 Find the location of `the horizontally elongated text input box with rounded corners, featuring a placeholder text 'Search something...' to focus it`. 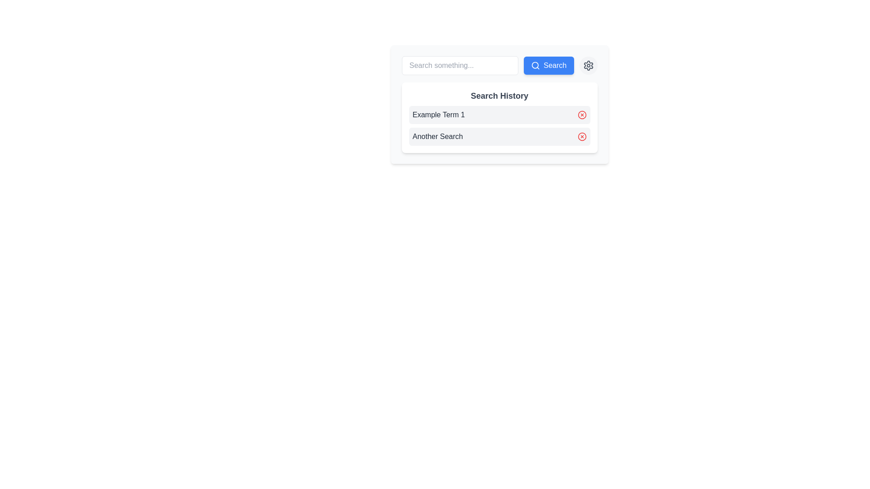

the horizontally elongated text input box with rounded corners, featuring a placeholder text 'Search something...' to focus it is located at coordinates (459, 65).